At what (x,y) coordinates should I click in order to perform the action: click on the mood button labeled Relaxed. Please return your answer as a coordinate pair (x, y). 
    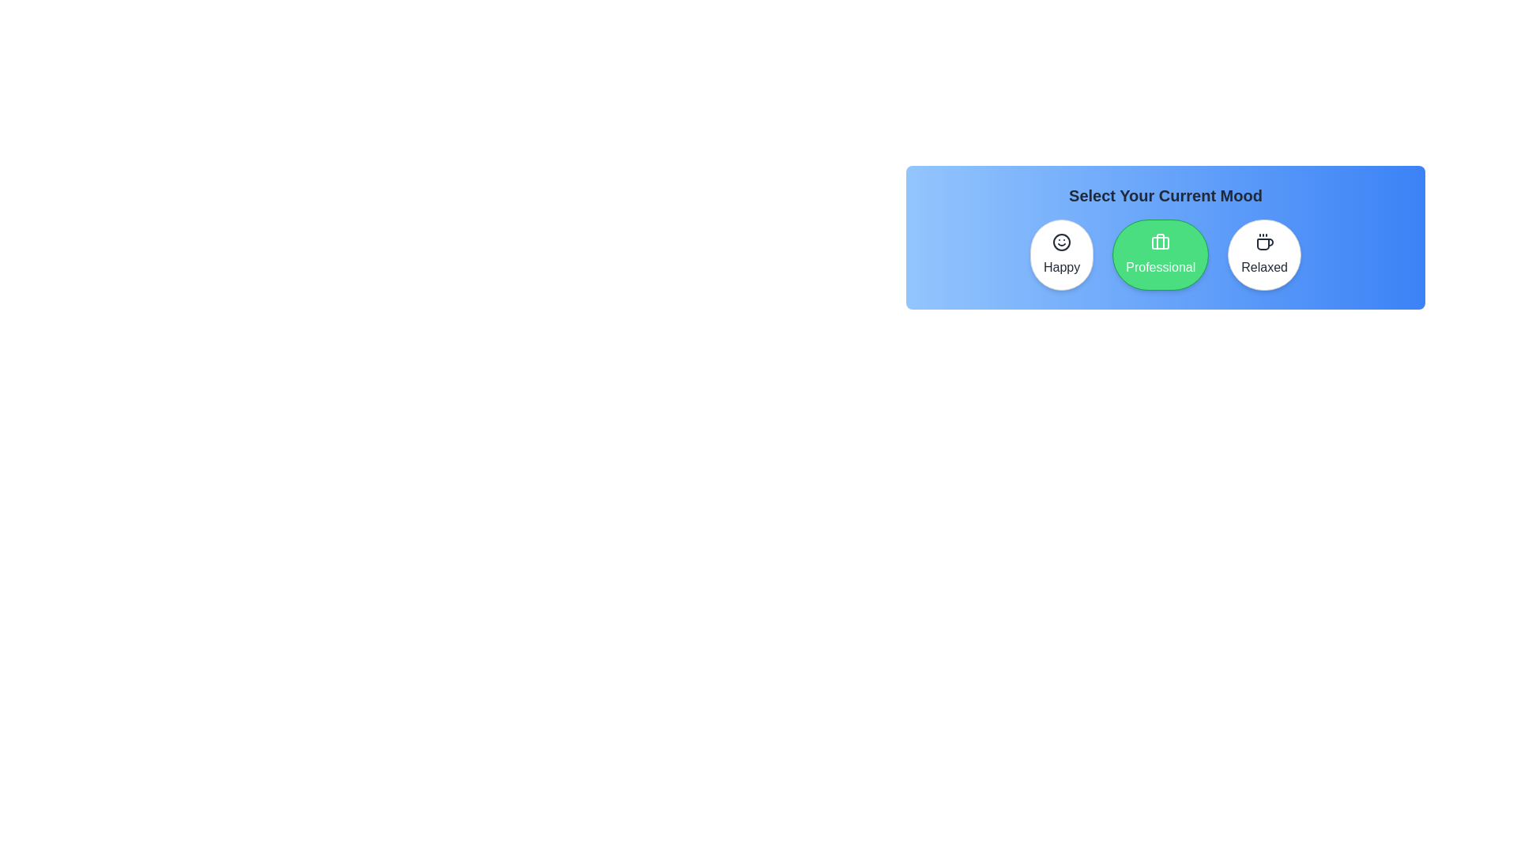
    Looking at the image, I should click on (1264, 254).